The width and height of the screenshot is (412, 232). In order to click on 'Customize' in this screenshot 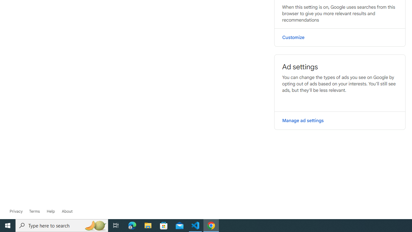, I will do `click(340, 37)`.